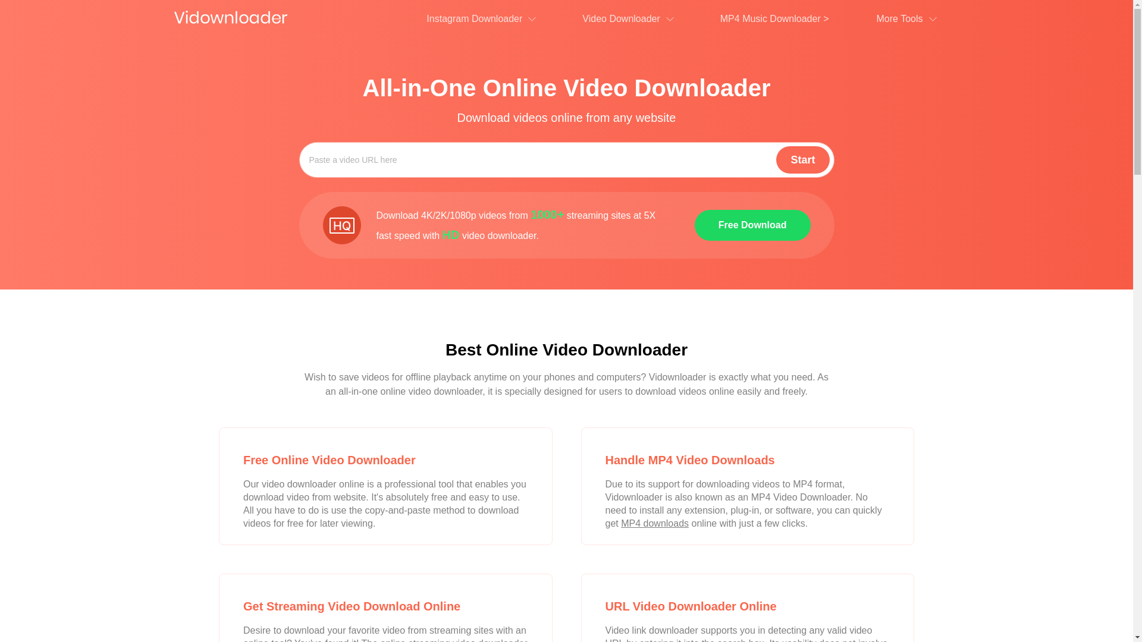 This screenshot has width=1142, height=642. I want to click on 'More Tools', so click(905, 21).